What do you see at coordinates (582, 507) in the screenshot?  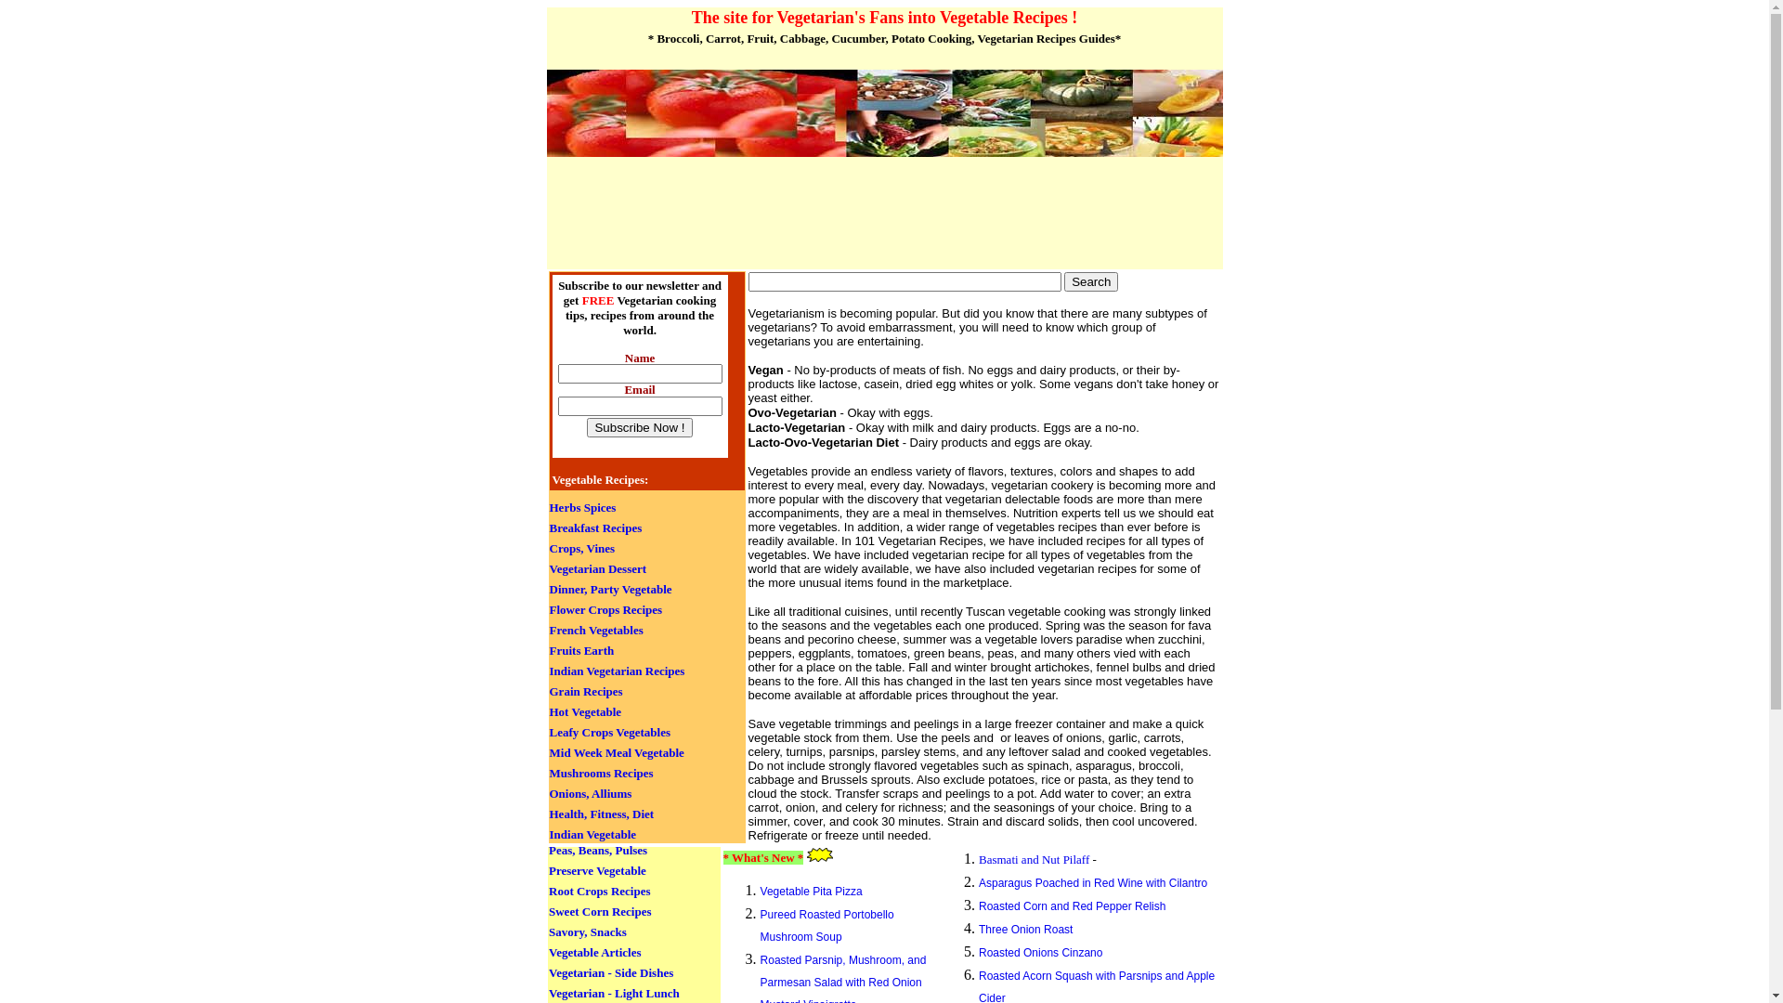 I see `'Herbs Spices'` at bounding box center [582, 507].